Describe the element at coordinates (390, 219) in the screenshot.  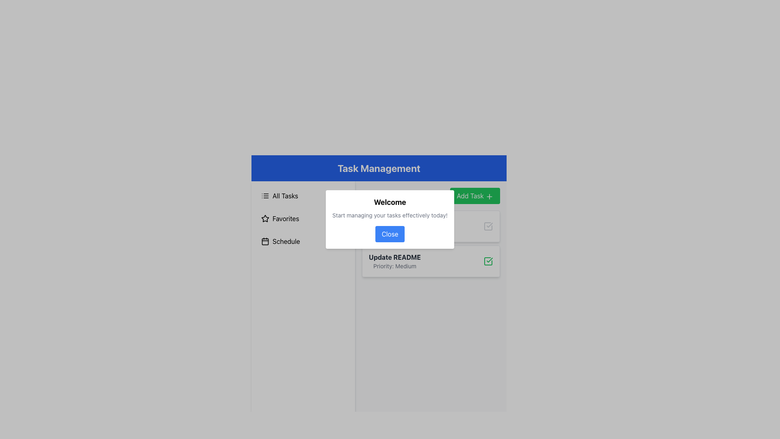
I see `the modal dialog box titled 'Welcome'` at that location.